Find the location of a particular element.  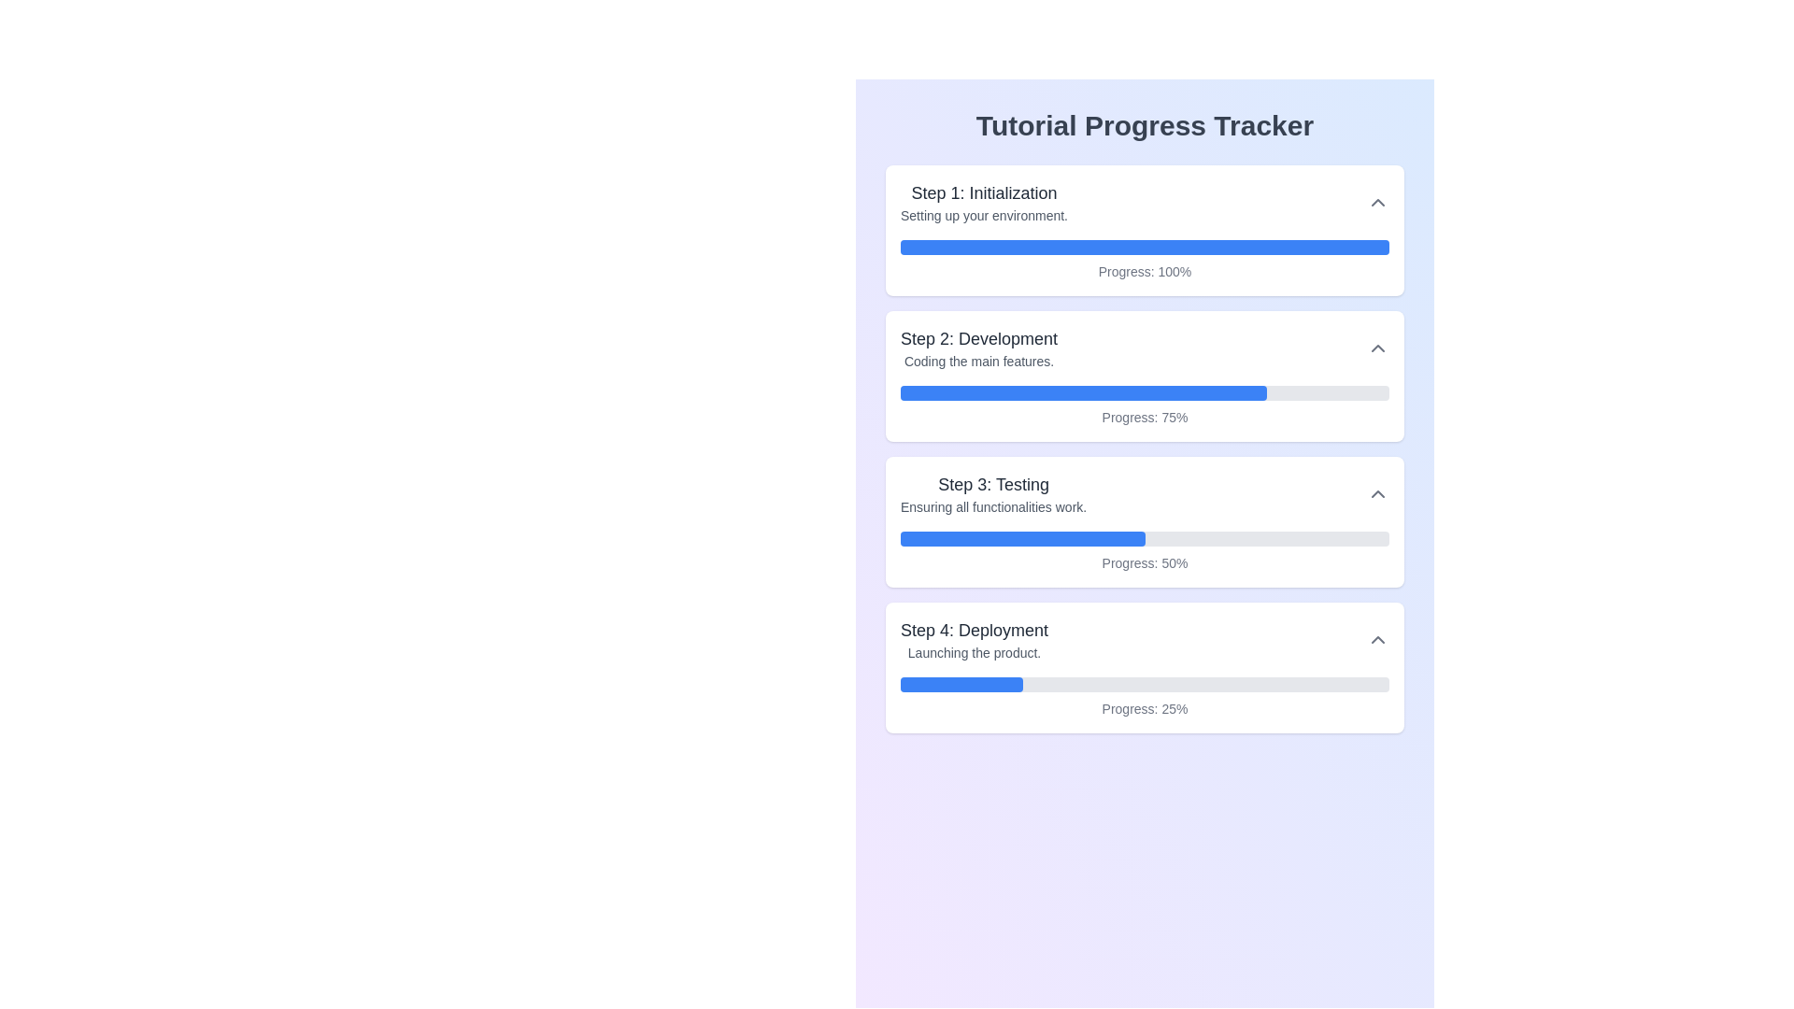

the progress indicator of the last progress bar located in the 'Step 4: Deployment' section is located at coordinates (1144, 684).